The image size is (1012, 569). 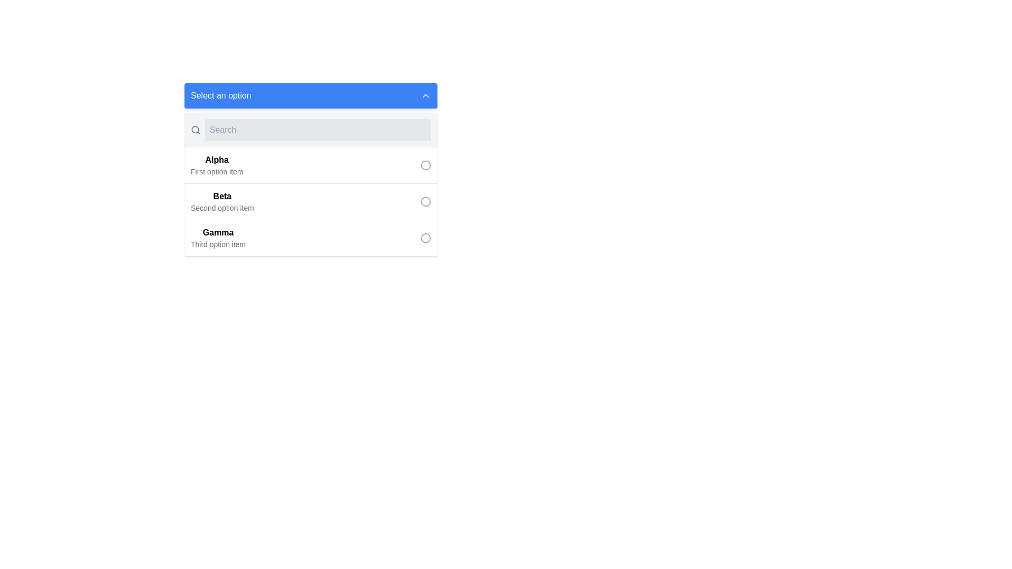 What do you see at coordinates (310, 165) in the screenshot?
I see `the List Item with Icon element labeled 'Alpha'` at bounding box center [310, 165].